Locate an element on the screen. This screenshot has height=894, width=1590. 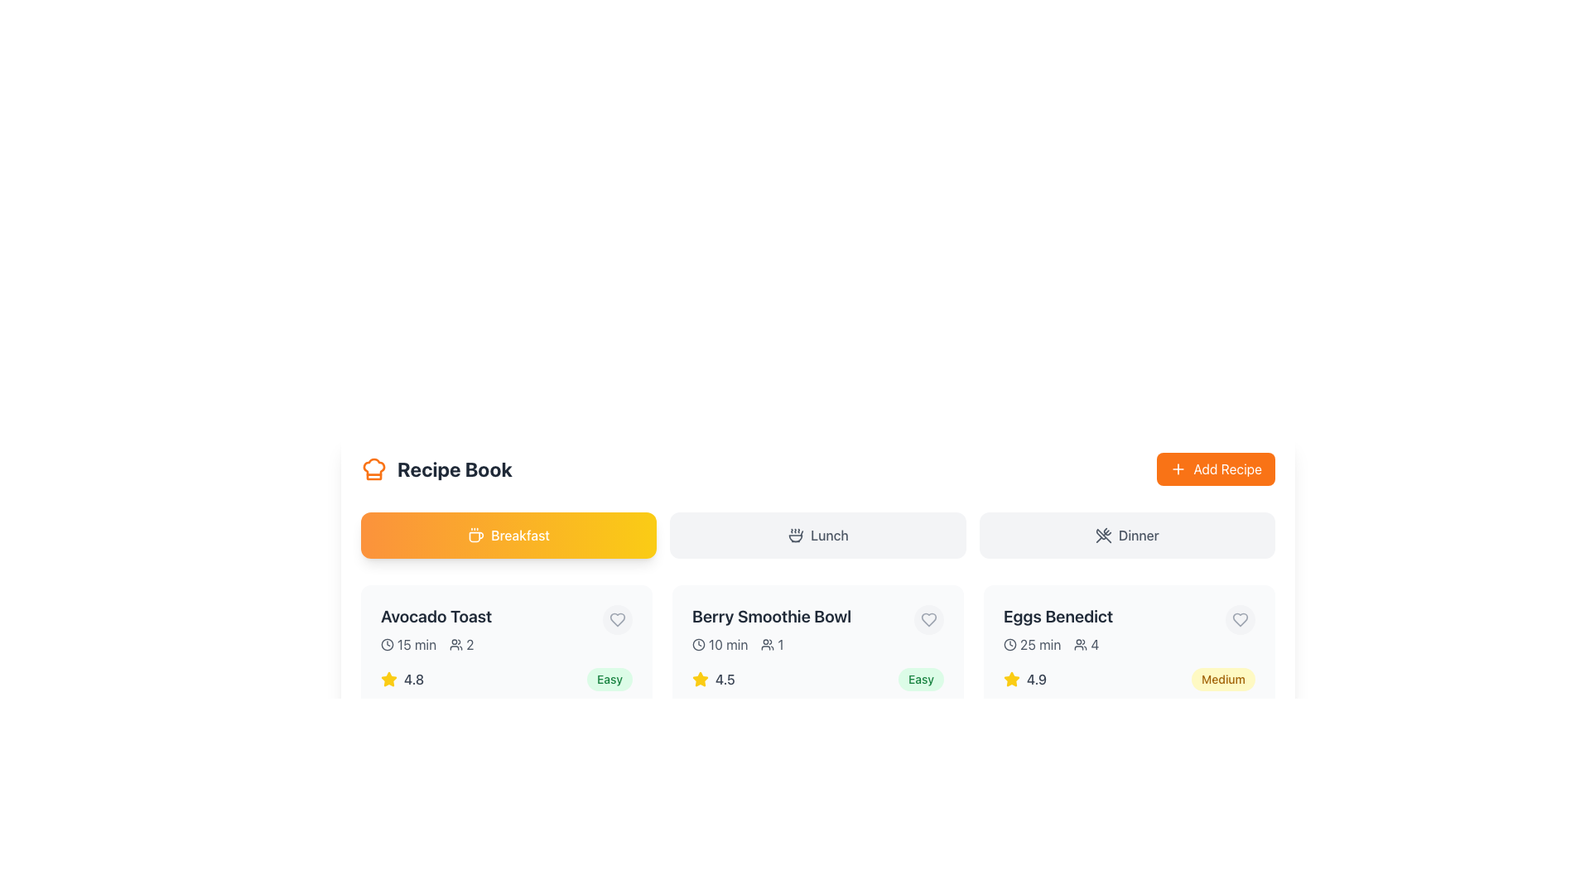
text of the label that reads 'Breakfast', which is styled in white on an orange to yellow gradient background button is located at coordinates (519, 536).